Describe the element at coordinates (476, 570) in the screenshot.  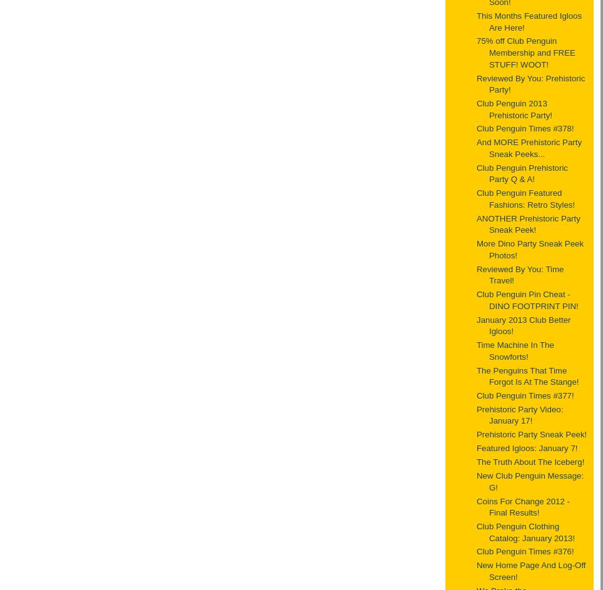
I see `'New Home Page And Log-Off Screen!'` at that location.